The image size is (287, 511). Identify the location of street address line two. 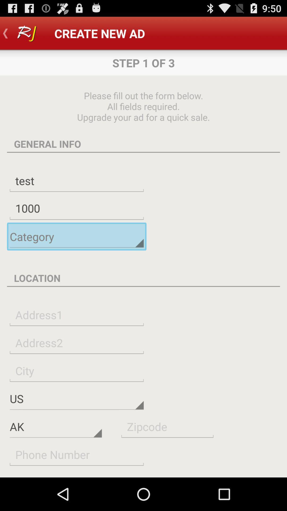
(77, 343).